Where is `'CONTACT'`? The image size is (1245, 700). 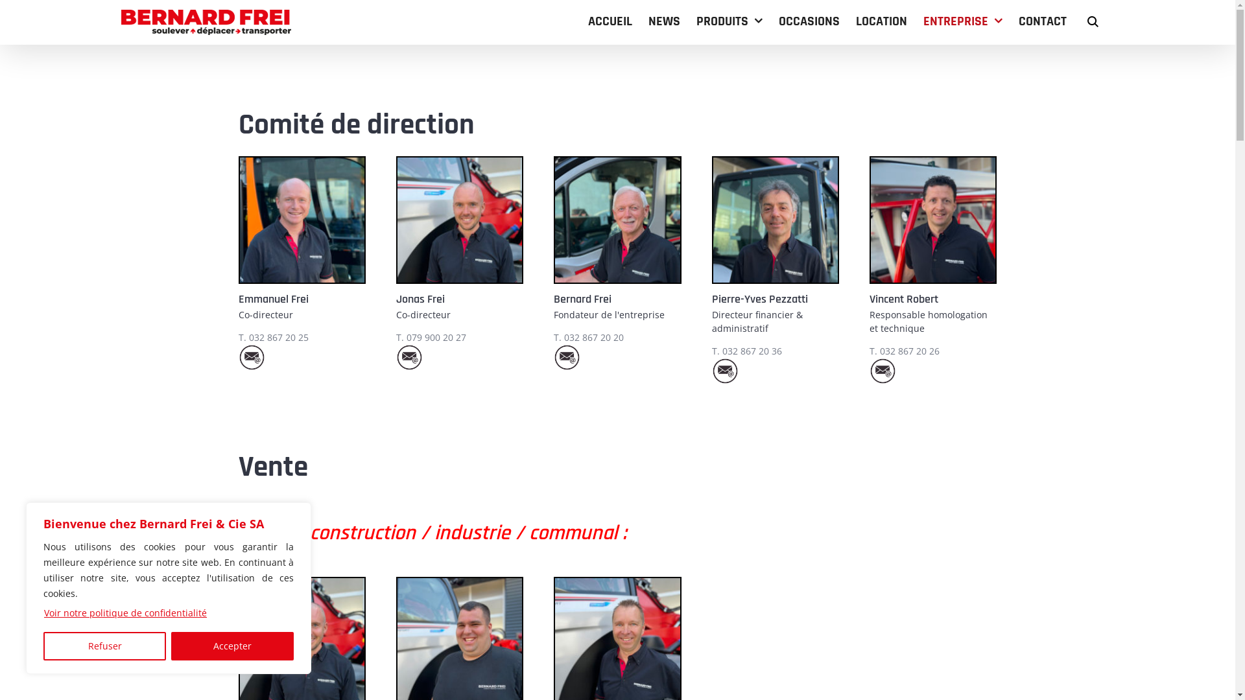
'CONTACT' is located at coordinates (1043, 21).